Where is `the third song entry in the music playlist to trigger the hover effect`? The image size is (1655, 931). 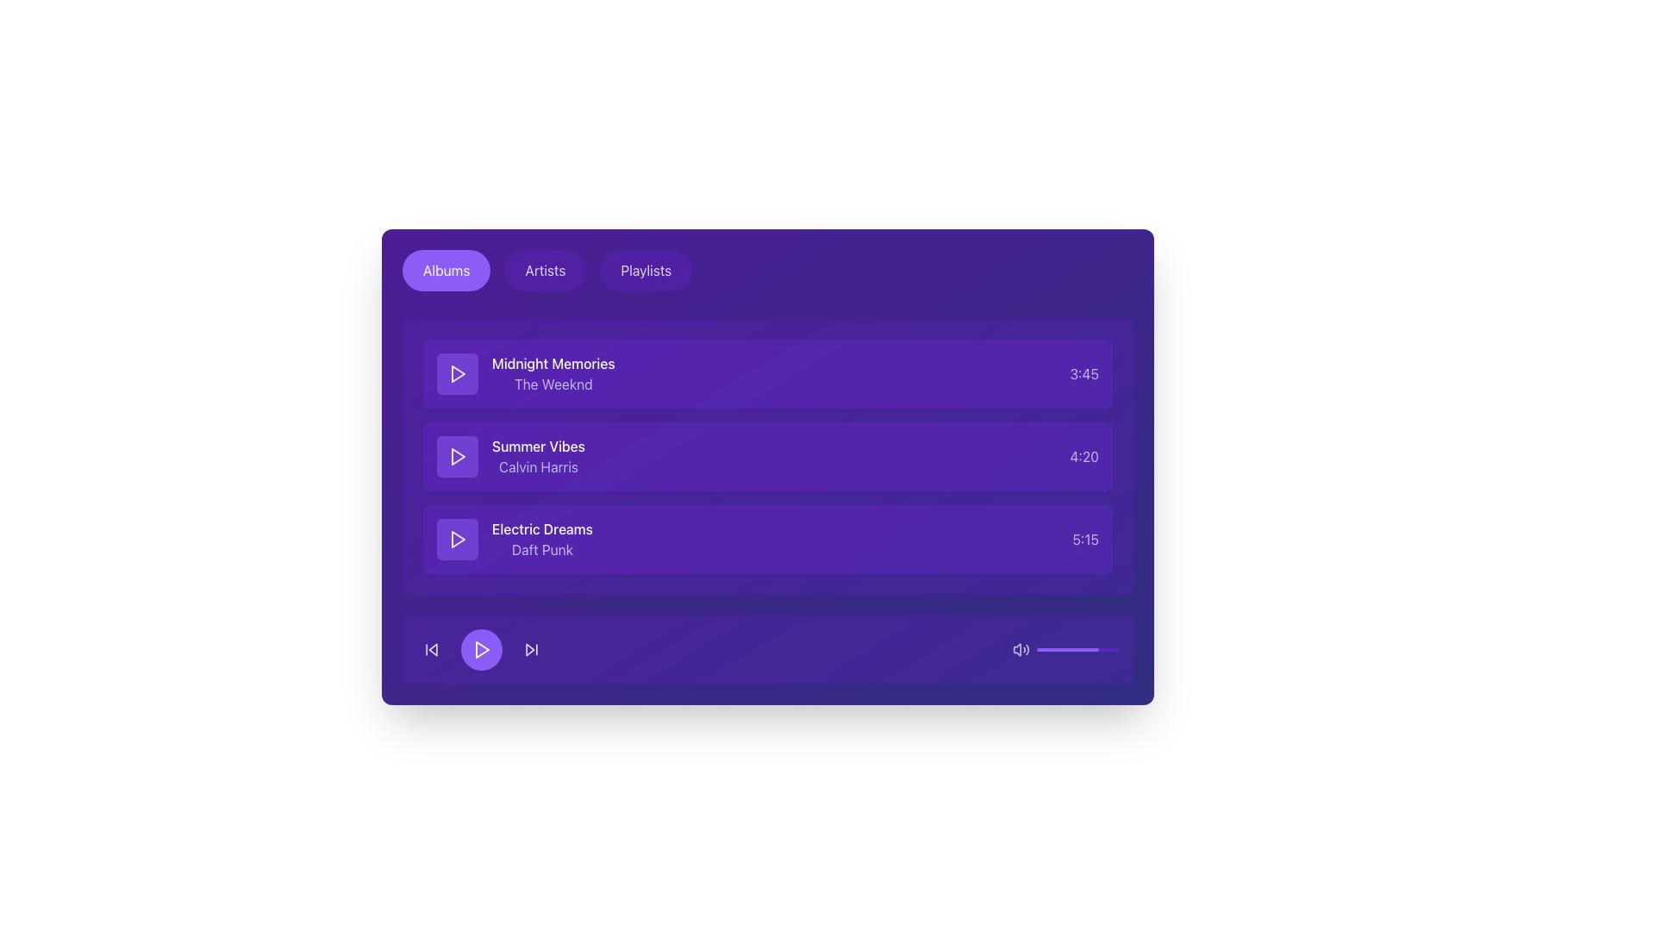
the third song entry in the music playlist to trigger the hover effect is located at coordinates (767, 538).